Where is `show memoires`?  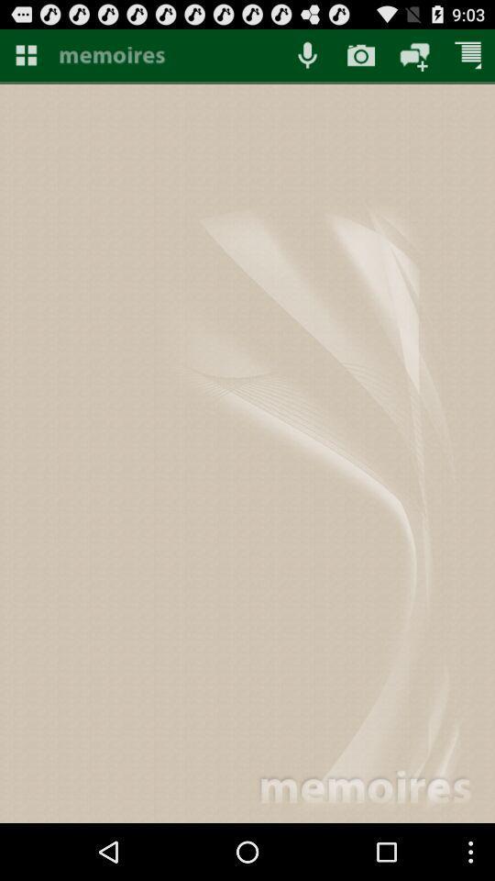
show memoires is located at coordinates (167, 56).